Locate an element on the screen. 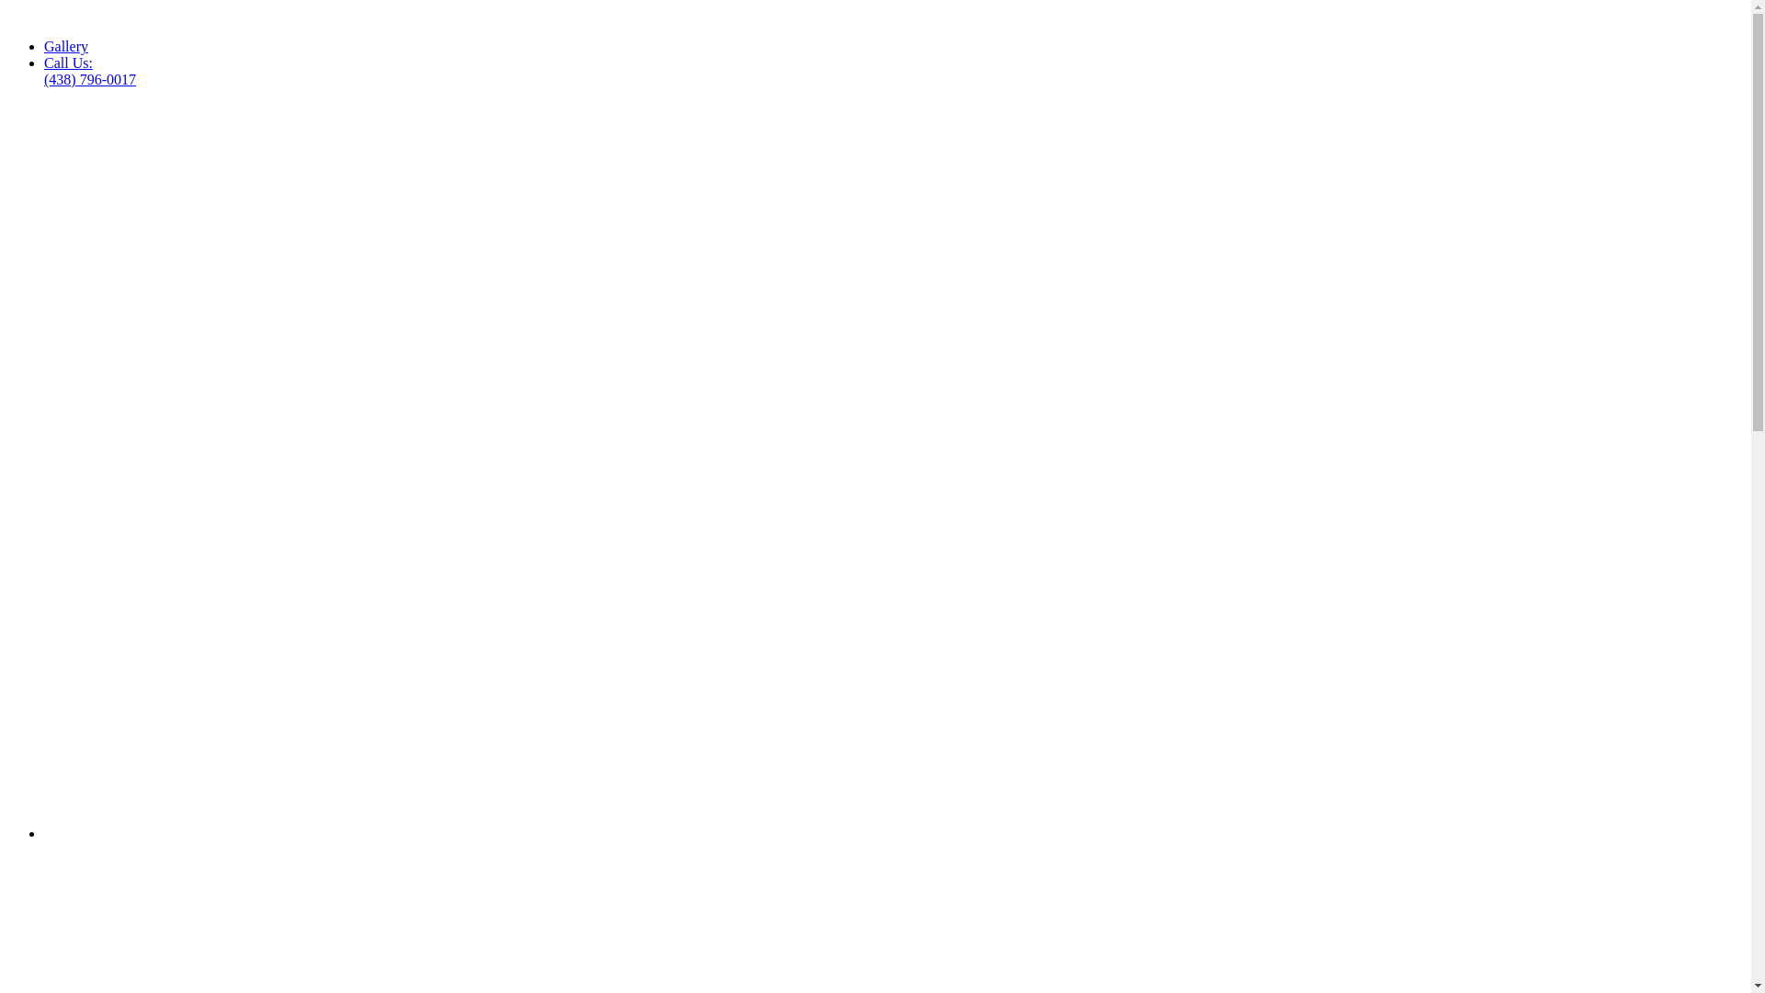 The width and height of the screenshot is (1765, 993). 'Call Us: is located at coordinates (88, 70).